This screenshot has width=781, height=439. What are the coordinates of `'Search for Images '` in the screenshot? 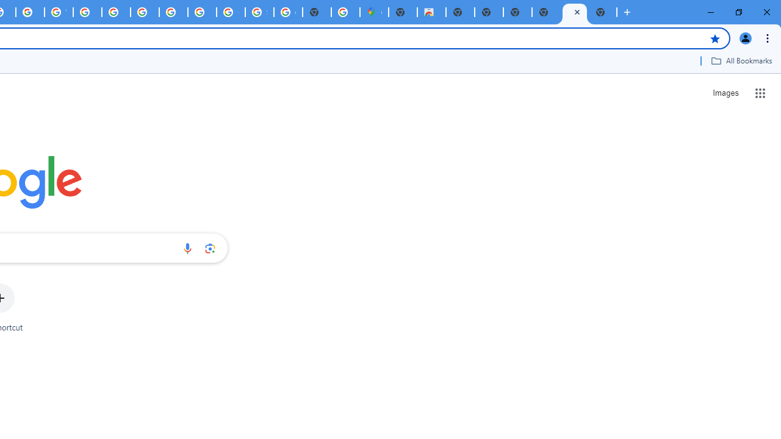 It's located at (725, 93).